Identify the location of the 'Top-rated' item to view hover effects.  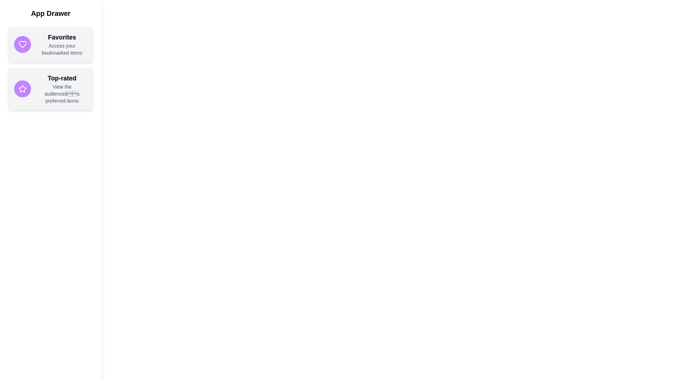
(50, 88).